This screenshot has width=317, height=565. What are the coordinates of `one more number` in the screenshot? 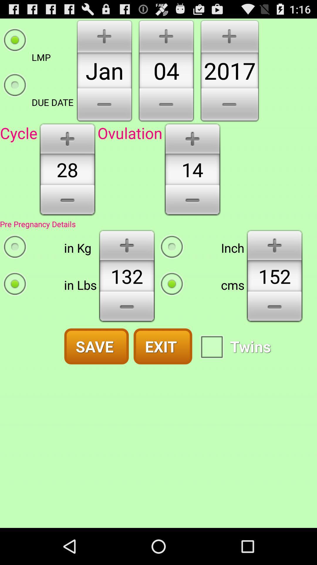 It's located at (274, 245).